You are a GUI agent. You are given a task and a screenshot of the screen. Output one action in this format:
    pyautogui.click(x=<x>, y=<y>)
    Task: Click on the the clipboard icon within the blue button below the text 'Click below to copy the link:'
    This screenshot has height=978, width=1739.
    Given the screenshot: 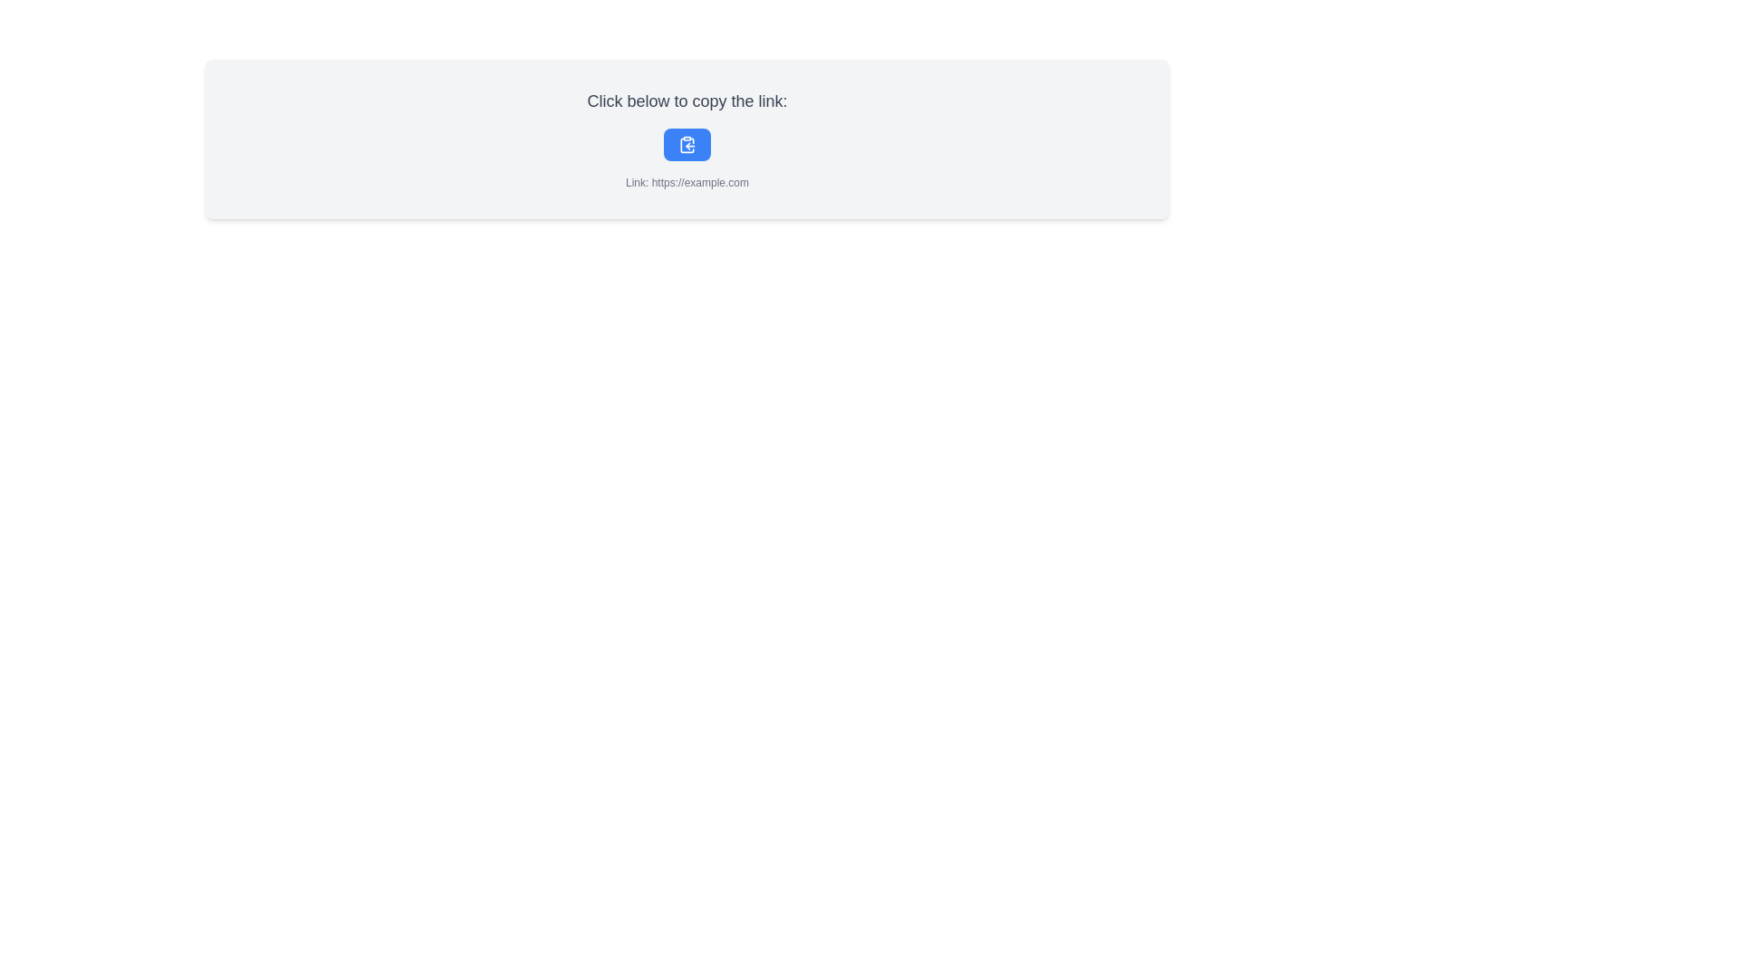 What is the action you would take?
    pyautogui.click(x=686, y=143)
    